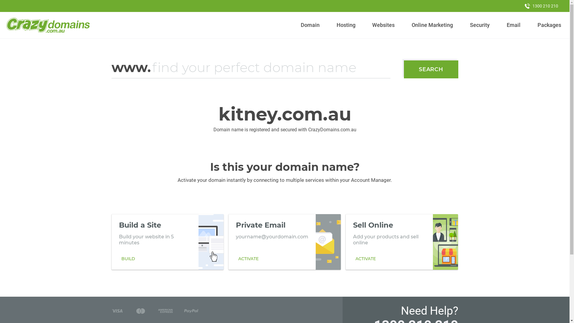 The image size is (574, 323). What do you see at coordinates (480, 25) in the screenshot?
I see `'Security'` at bounding box center [480, 25].